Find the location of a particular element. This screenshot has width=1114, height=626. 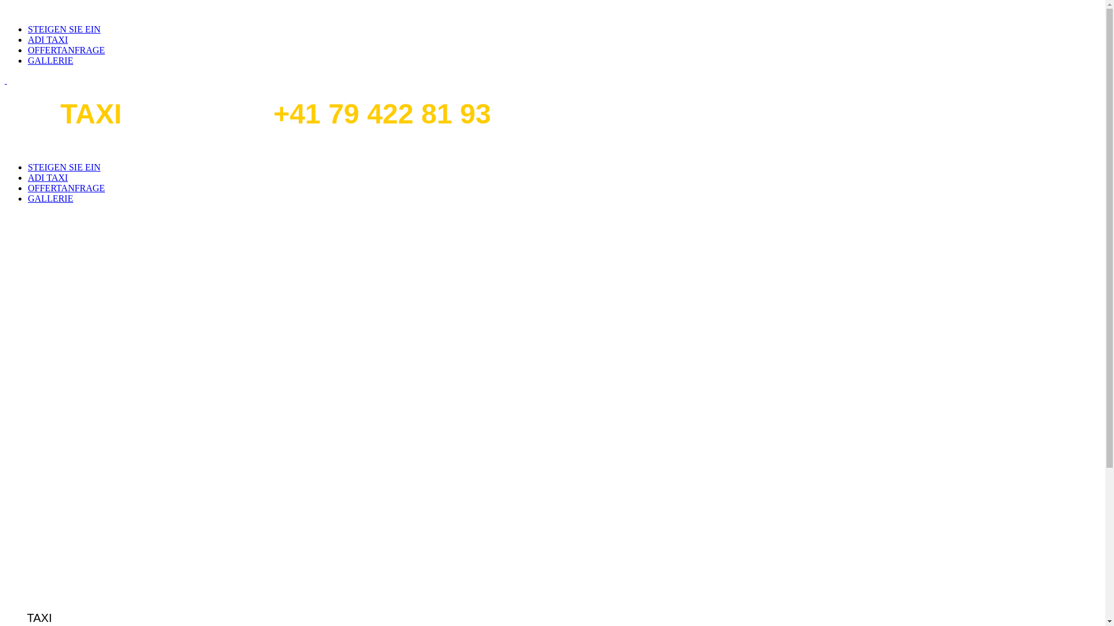

'ADI TAXI' is located at coordinates (28, 39).